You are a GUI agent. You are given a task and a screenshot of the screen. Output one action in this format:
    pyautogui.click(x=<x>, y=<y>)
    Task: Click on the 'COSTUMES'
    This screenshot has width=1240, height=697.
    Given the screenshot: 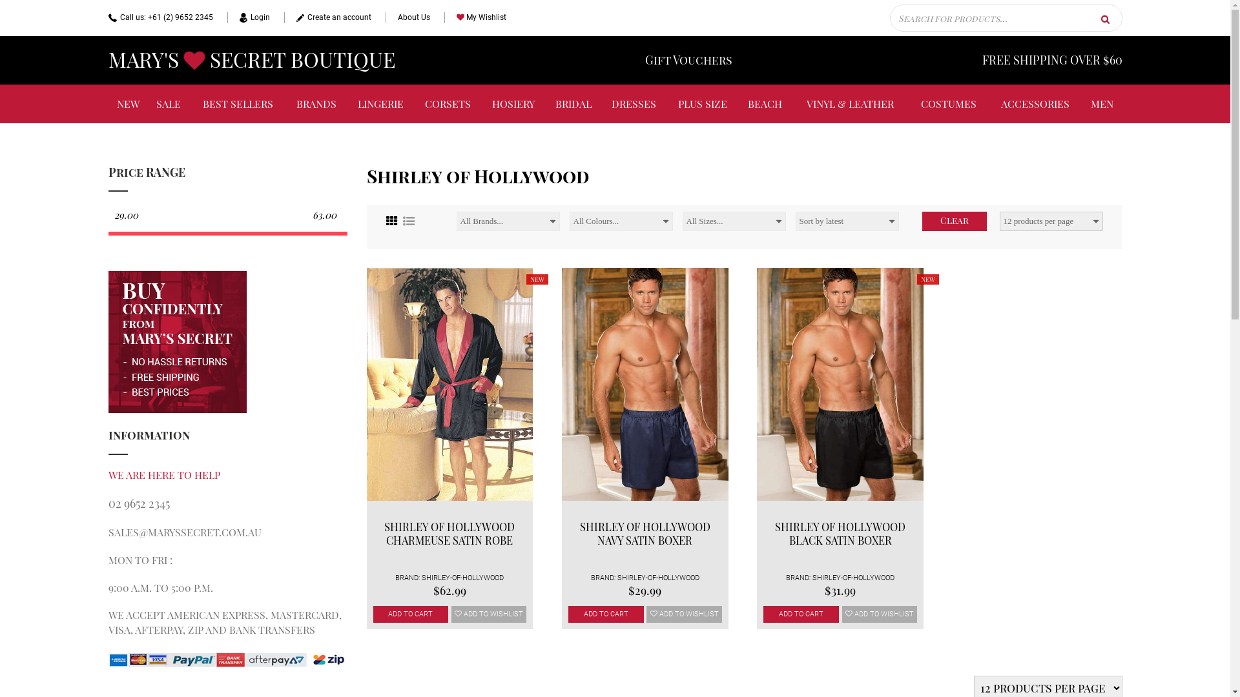 What is the action you would take?
    pyautogui.click(x=948, y=103)
    